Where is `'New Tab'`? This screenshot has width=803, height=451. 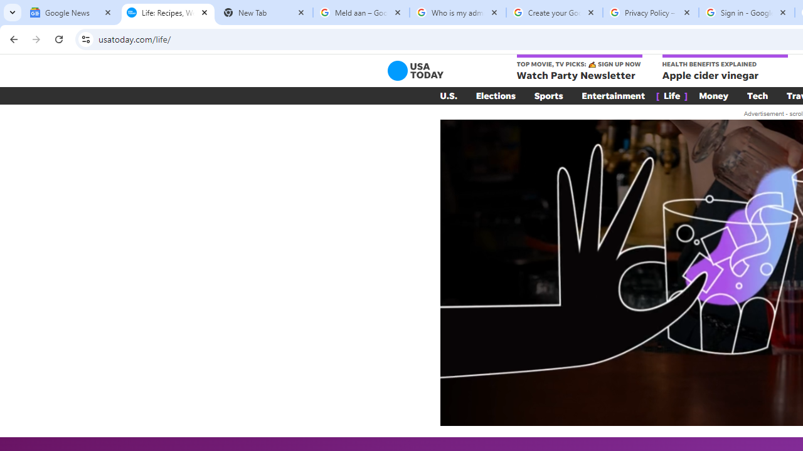
'New Tab' is located at coordinates (263, 13).